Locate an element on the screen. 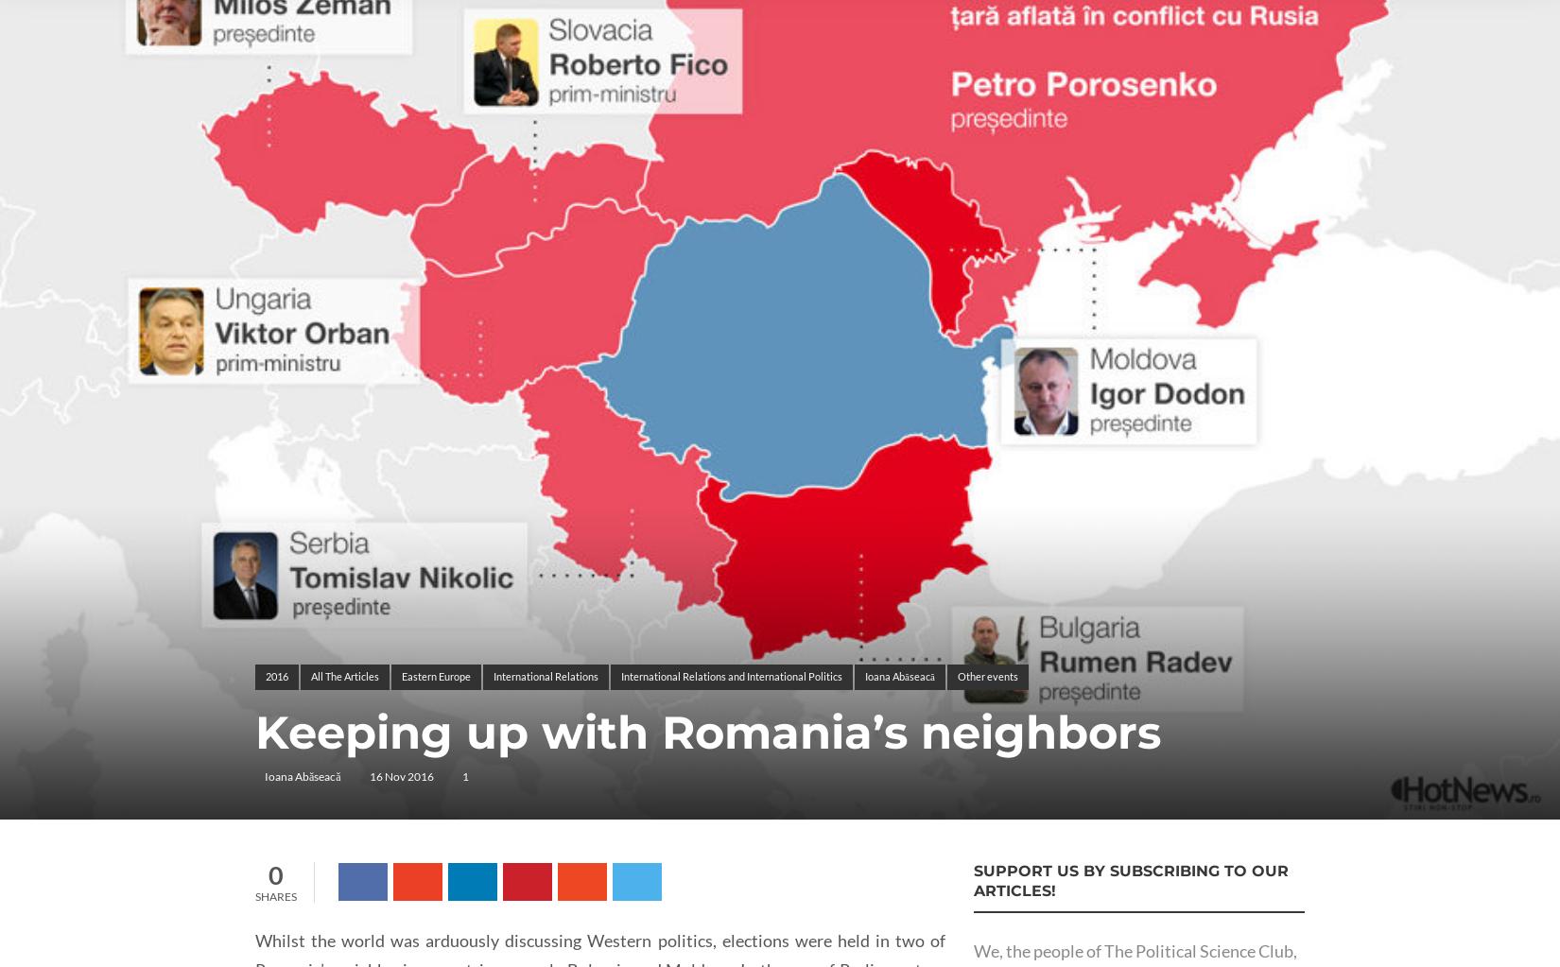 The height and width of the screenshot is (967, 1560). 'Eastern Europe' is located at coordinates (435, 675).